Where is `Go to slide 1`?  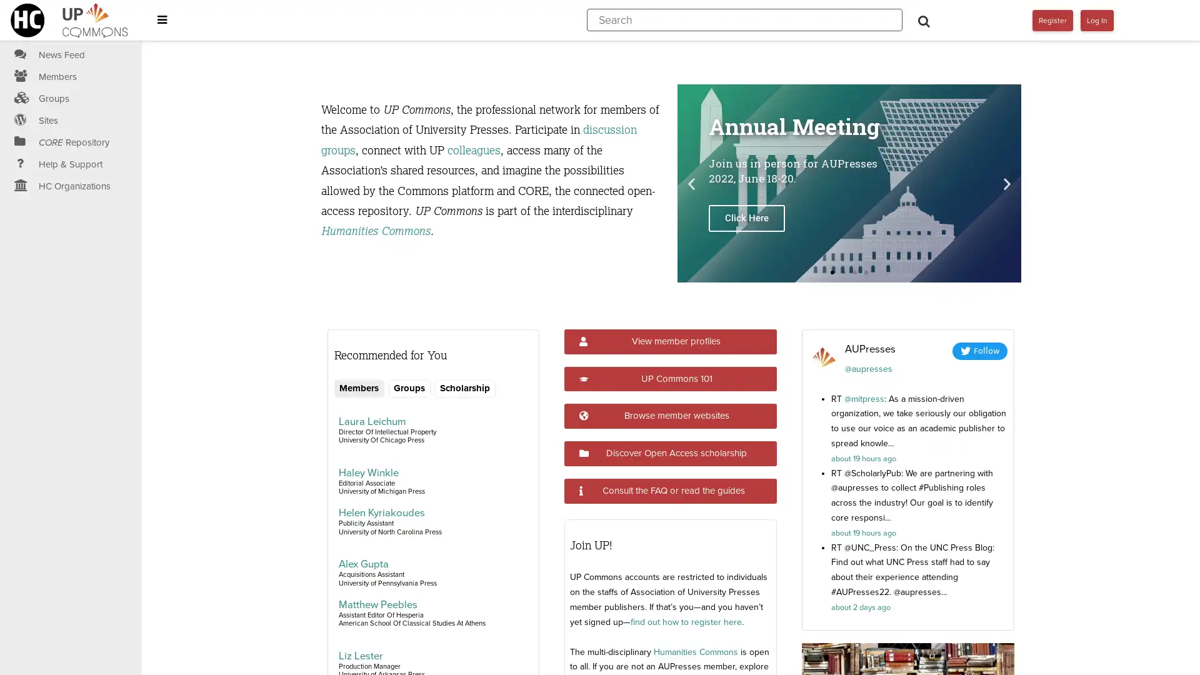
Go to slide 1 is located at coordinates (831, 271).